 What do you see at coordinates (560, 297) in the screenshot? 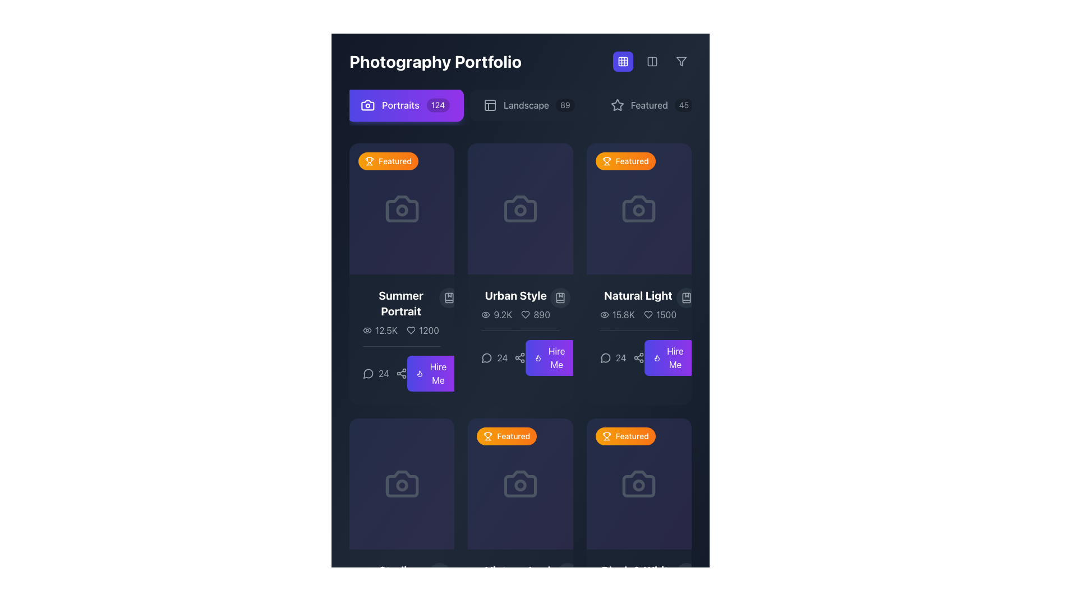
I see `the bookmark-style icon located at the top-right corner of the 'Urban Style' card, adjacent to the '9.2K views' statistic` at bounding box center [560, 297].